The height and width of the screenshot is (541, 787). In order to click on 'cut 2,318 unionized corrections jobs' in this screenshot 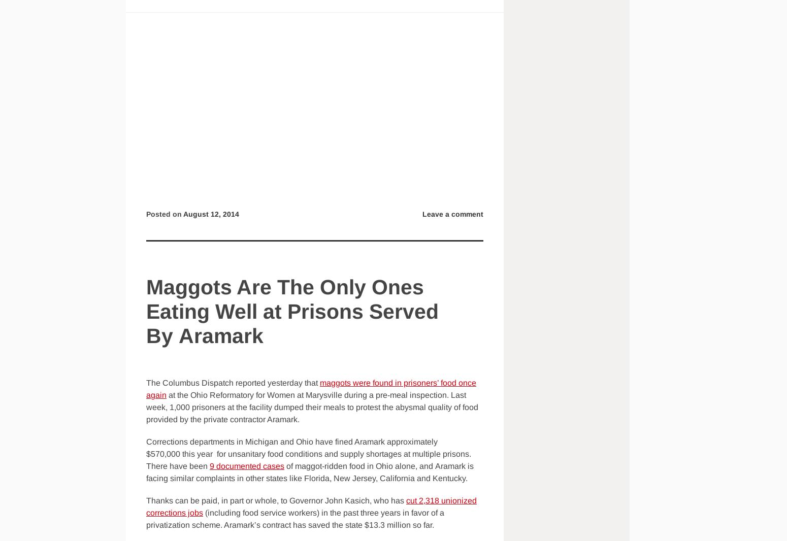, I will do `click(146, 506)`.